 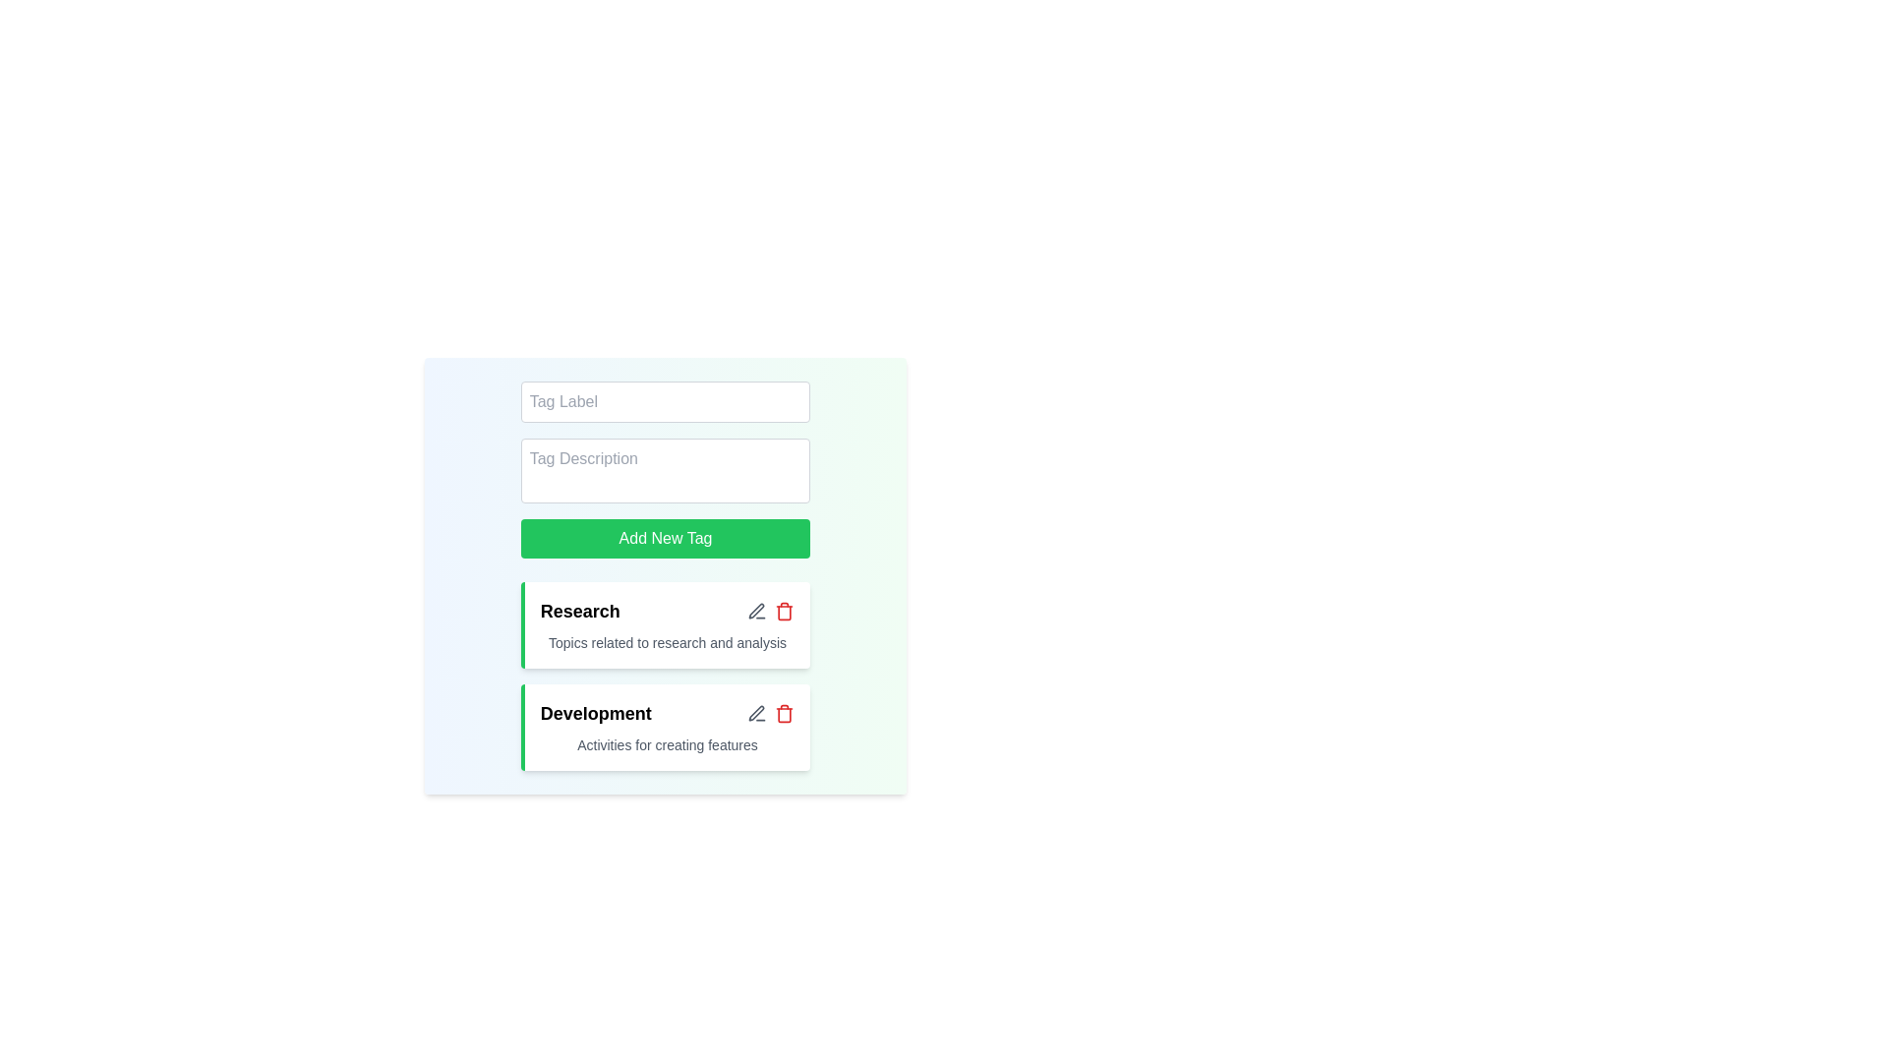 What do you see at coordinates (755, 610) in the screenshot?
I see `the decorative edit icon located on the right side of the 'Development' row, next to the red trash-can symbol` at bounding box center [755, 610].